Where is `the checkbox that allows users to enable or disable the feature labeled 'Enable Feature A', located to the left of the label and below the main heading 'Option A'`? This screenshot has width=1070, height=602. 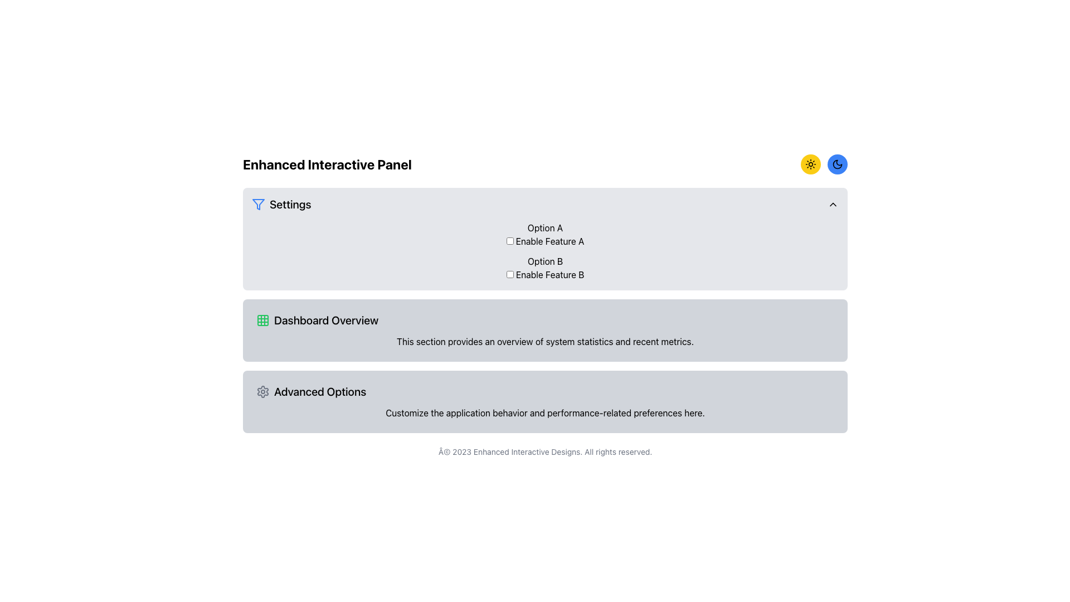
the checkbox that allows users to enable or disable the feature labeled 'Enable Feature A', located to the left of the label and below the main heading 'Option A' is located at coordinates (509, 240).